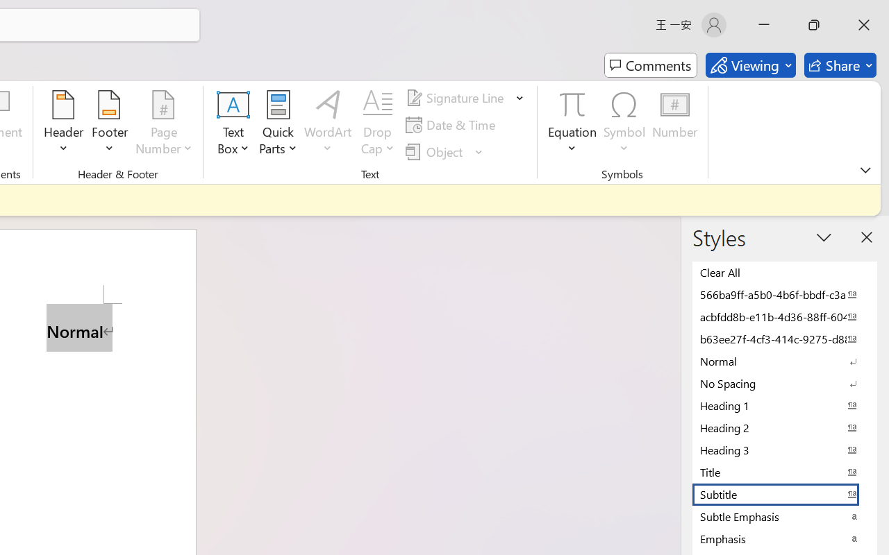 The width and height of the screenshot is (889, 555). I want to click on 'Heading 2', so click(785, 427).